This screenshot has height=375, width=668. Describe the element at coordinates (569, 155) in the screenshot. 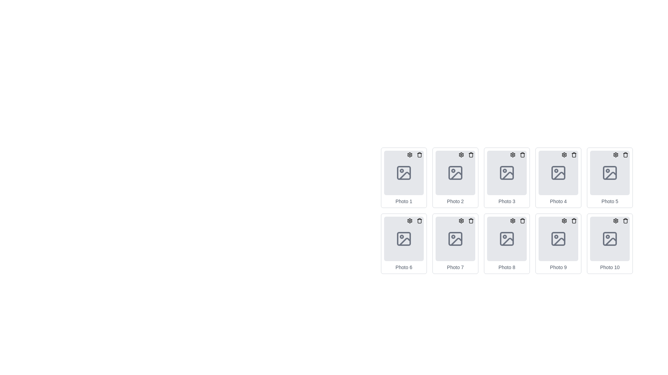

I see `the toolbar in the top-right corner of the item card labeled 'Photo 4', which contains two circular icons (a cog for settings and a trash can for deletion)` at that location.